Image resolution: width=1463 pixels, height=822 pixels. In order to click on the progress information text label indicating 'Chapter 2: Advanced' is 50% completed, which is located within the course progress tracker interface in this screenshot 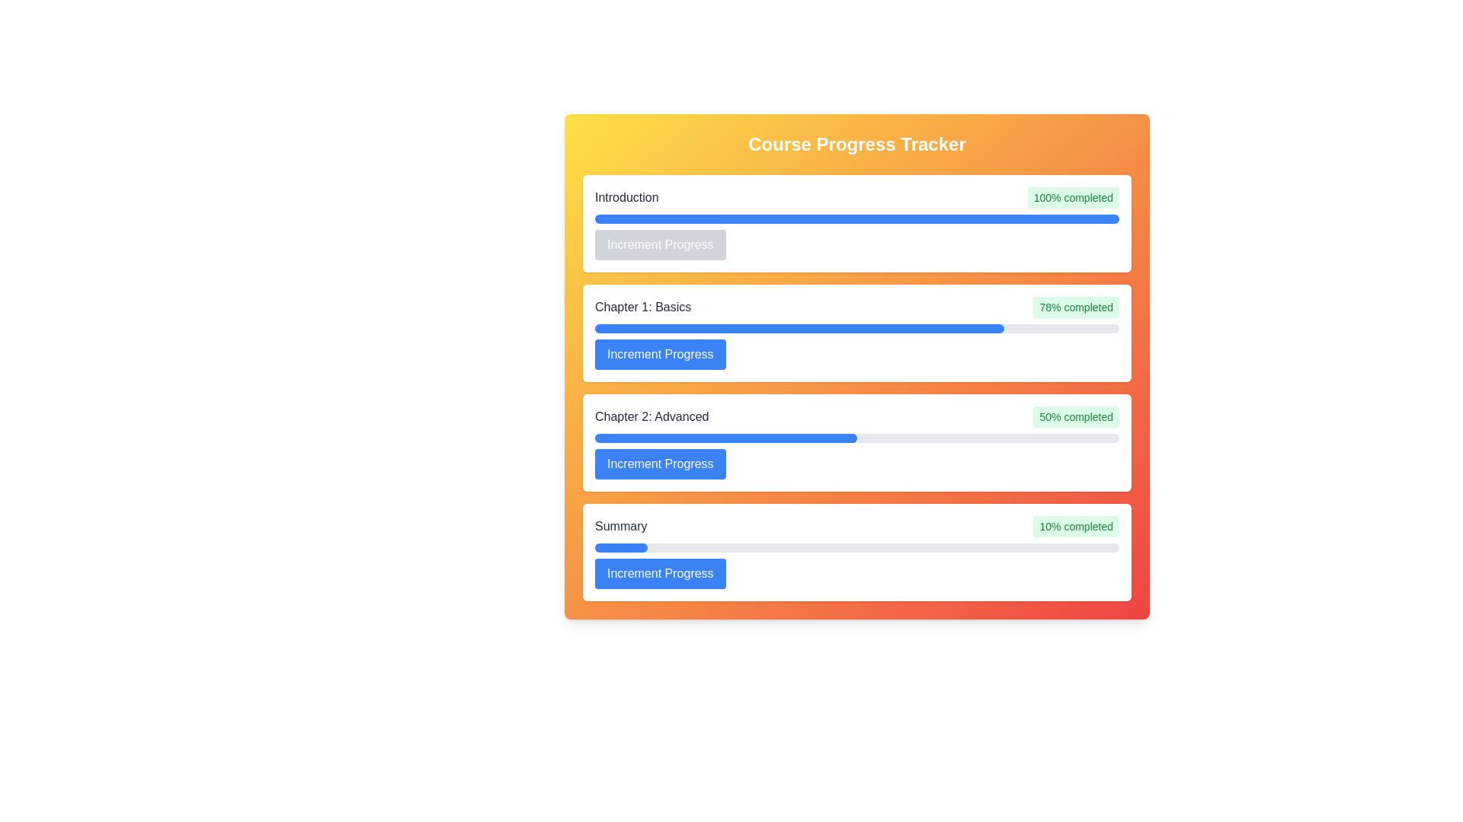, I will do `click(1075, 416)`.